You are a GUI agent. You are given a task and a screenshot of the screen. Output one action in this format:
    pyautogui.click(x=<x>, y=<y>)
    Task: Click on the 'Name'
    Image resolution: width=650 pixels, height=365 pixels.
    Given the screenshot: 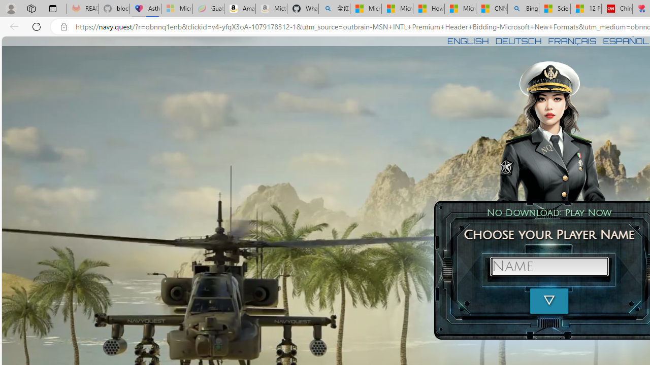 What is the action you would take?
    pyautogui.click(x=548, y=266)
    